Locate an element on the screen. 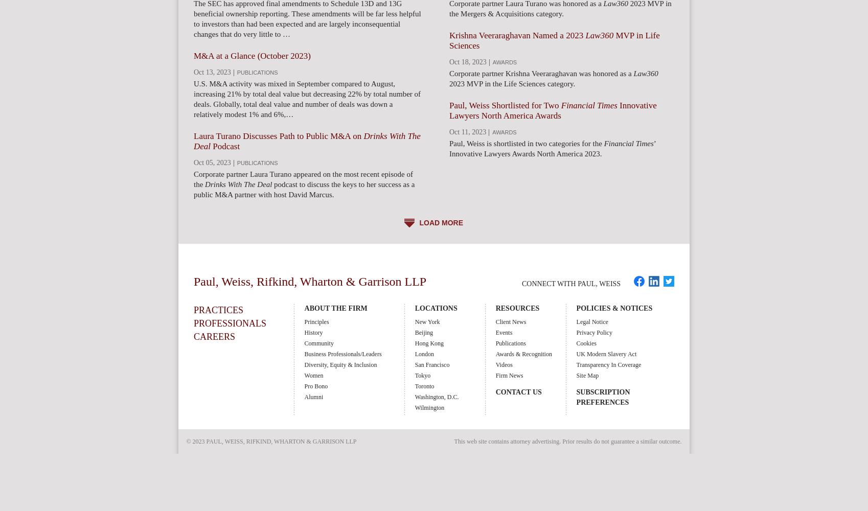 This screenshot has height=511, width=868. 'Subscription Preferences' is located at coordinates (602, 397).